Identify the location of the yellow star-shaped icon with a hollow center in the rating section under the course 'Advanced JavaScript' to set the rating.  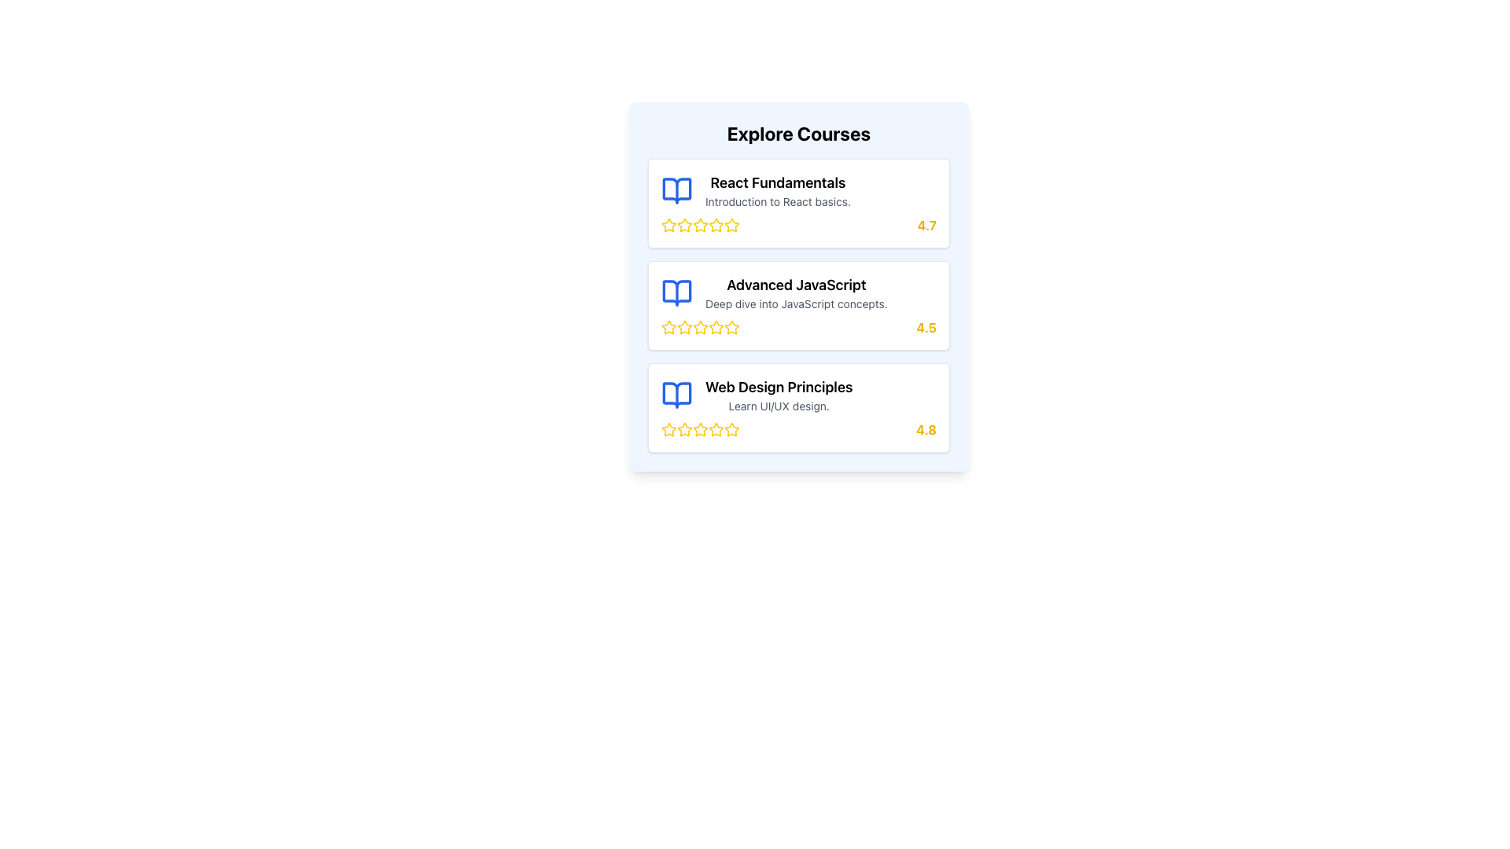
(668, 326).